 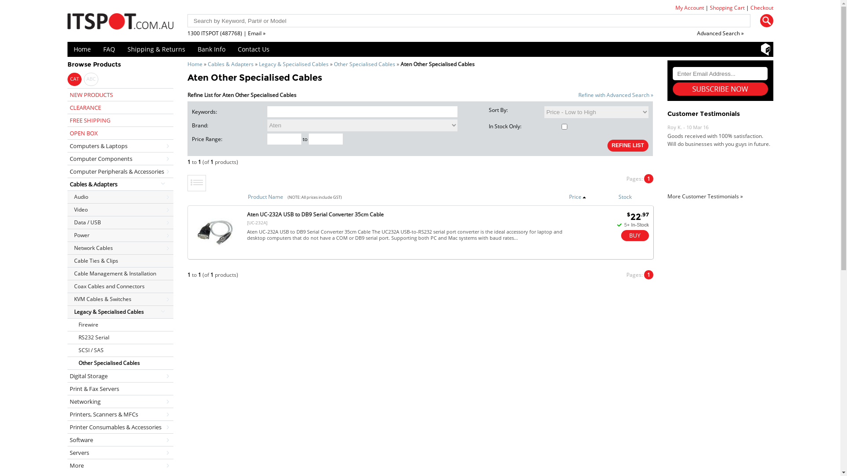 What do you see at coordinates (120, 426) in the screenshot?
I see `'Printer Consumables & Accessories'` at bounding box center [120, 426].